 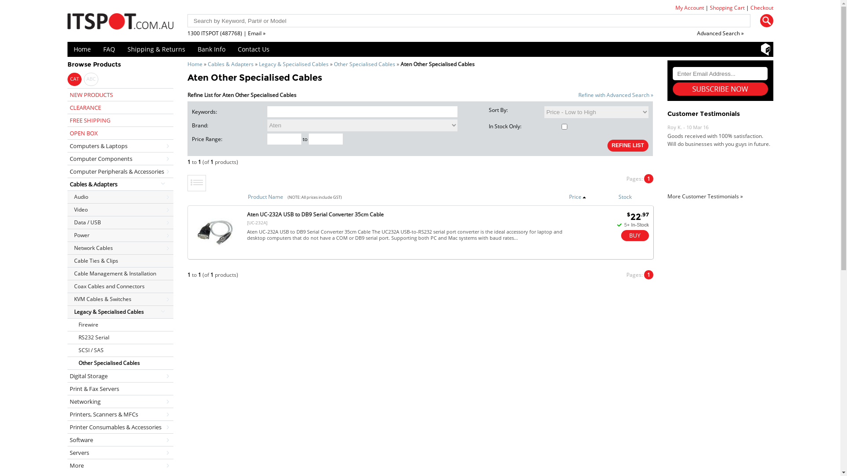 What do you see at coordinates (120, 426) in the screenshot?
I see `'Printer Consumables & Accessories'` at bounding box center [120, 426].